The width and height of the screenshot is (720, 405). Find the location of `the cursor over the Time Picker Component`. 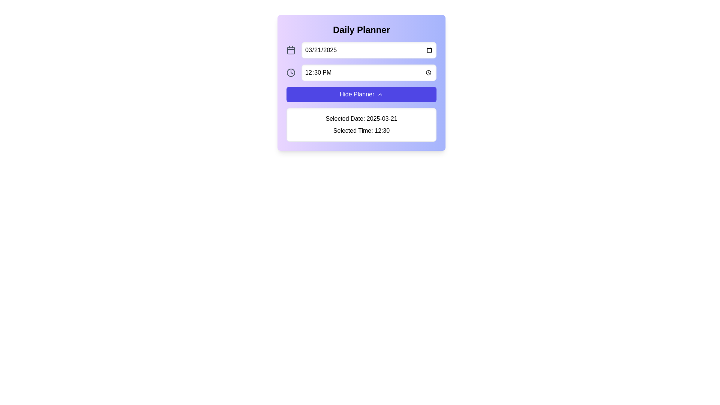

the cursor over the Time Picker Component is located at coordinates (361, 72).